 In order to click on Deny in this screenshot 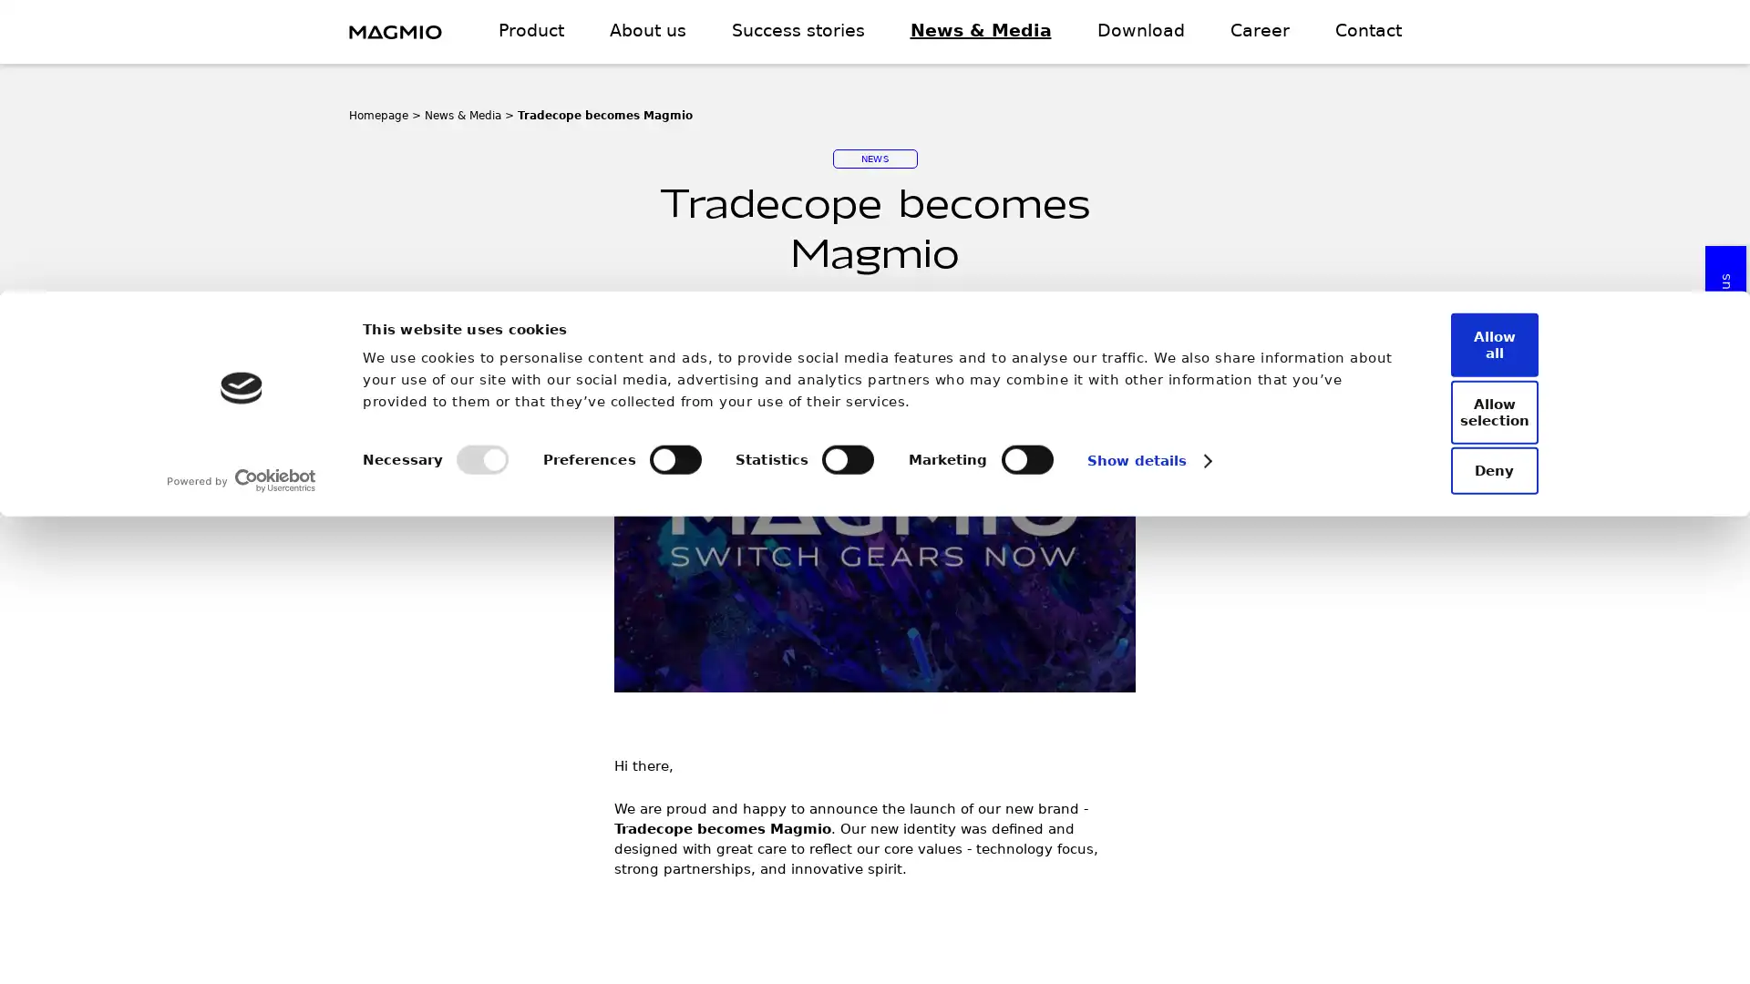, I will do `click(1474, 932)`.